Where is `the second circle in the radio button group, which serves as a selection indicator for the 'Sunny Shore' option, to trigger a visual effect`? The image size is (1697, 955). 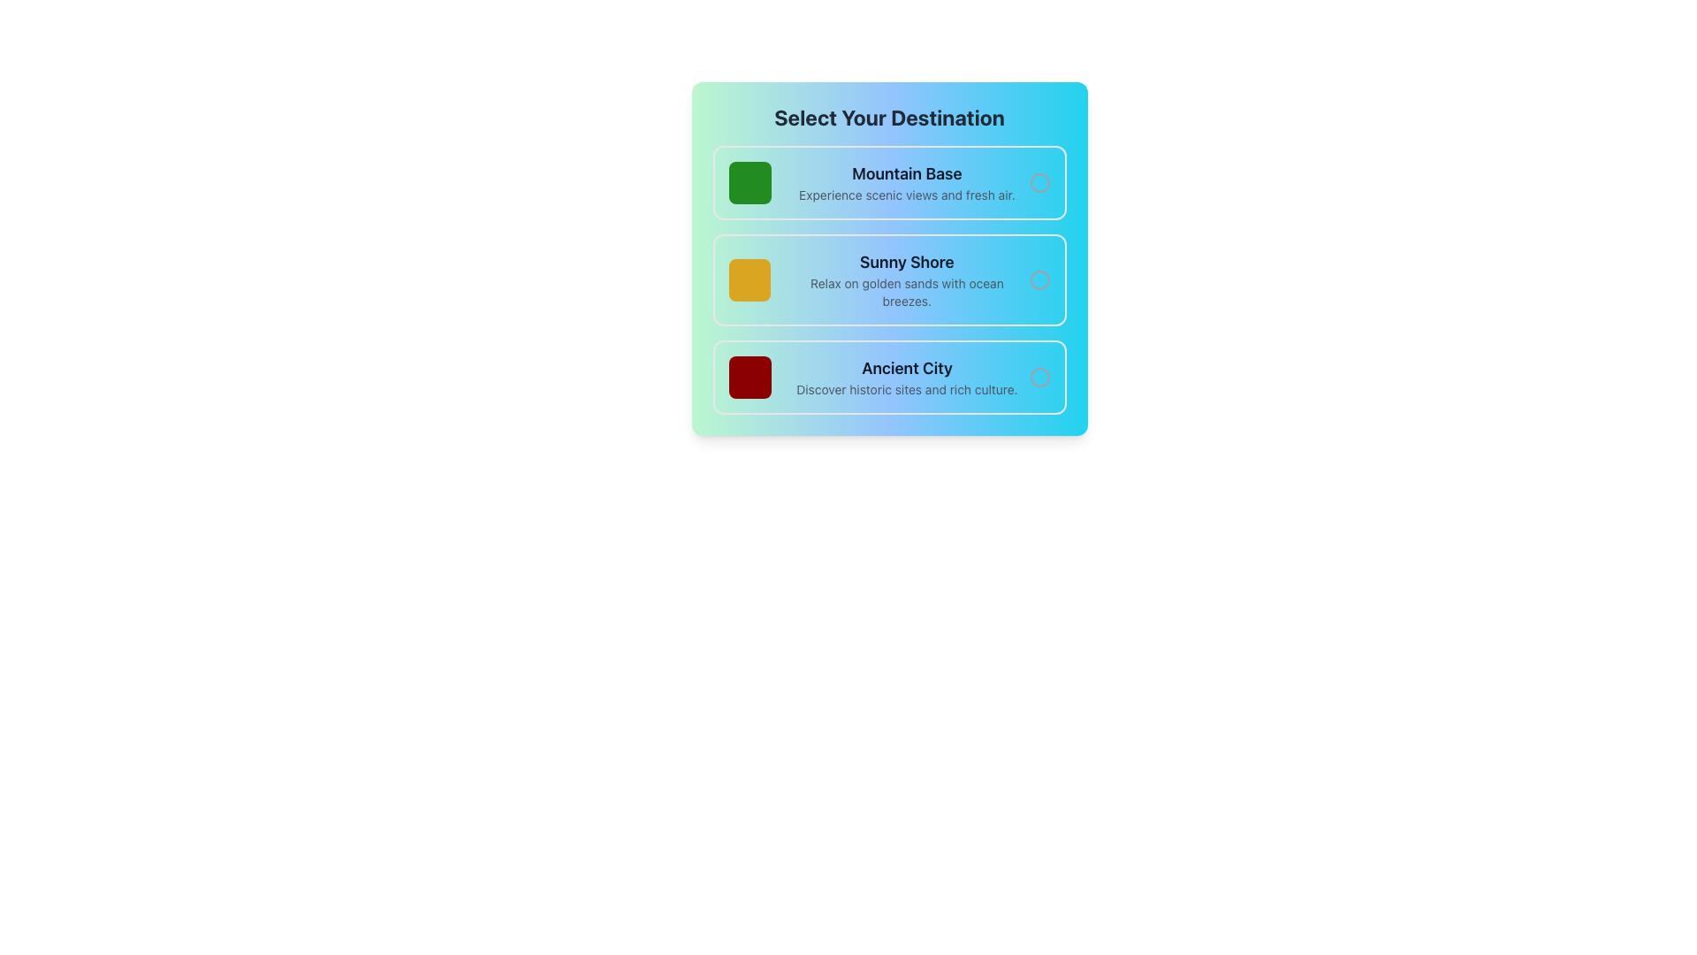 the second circle in the radio button group, which serves as a selection indicator for the 'Sunny Shore' option, to trigger a visual effect is located at coordinates (1039, 279).